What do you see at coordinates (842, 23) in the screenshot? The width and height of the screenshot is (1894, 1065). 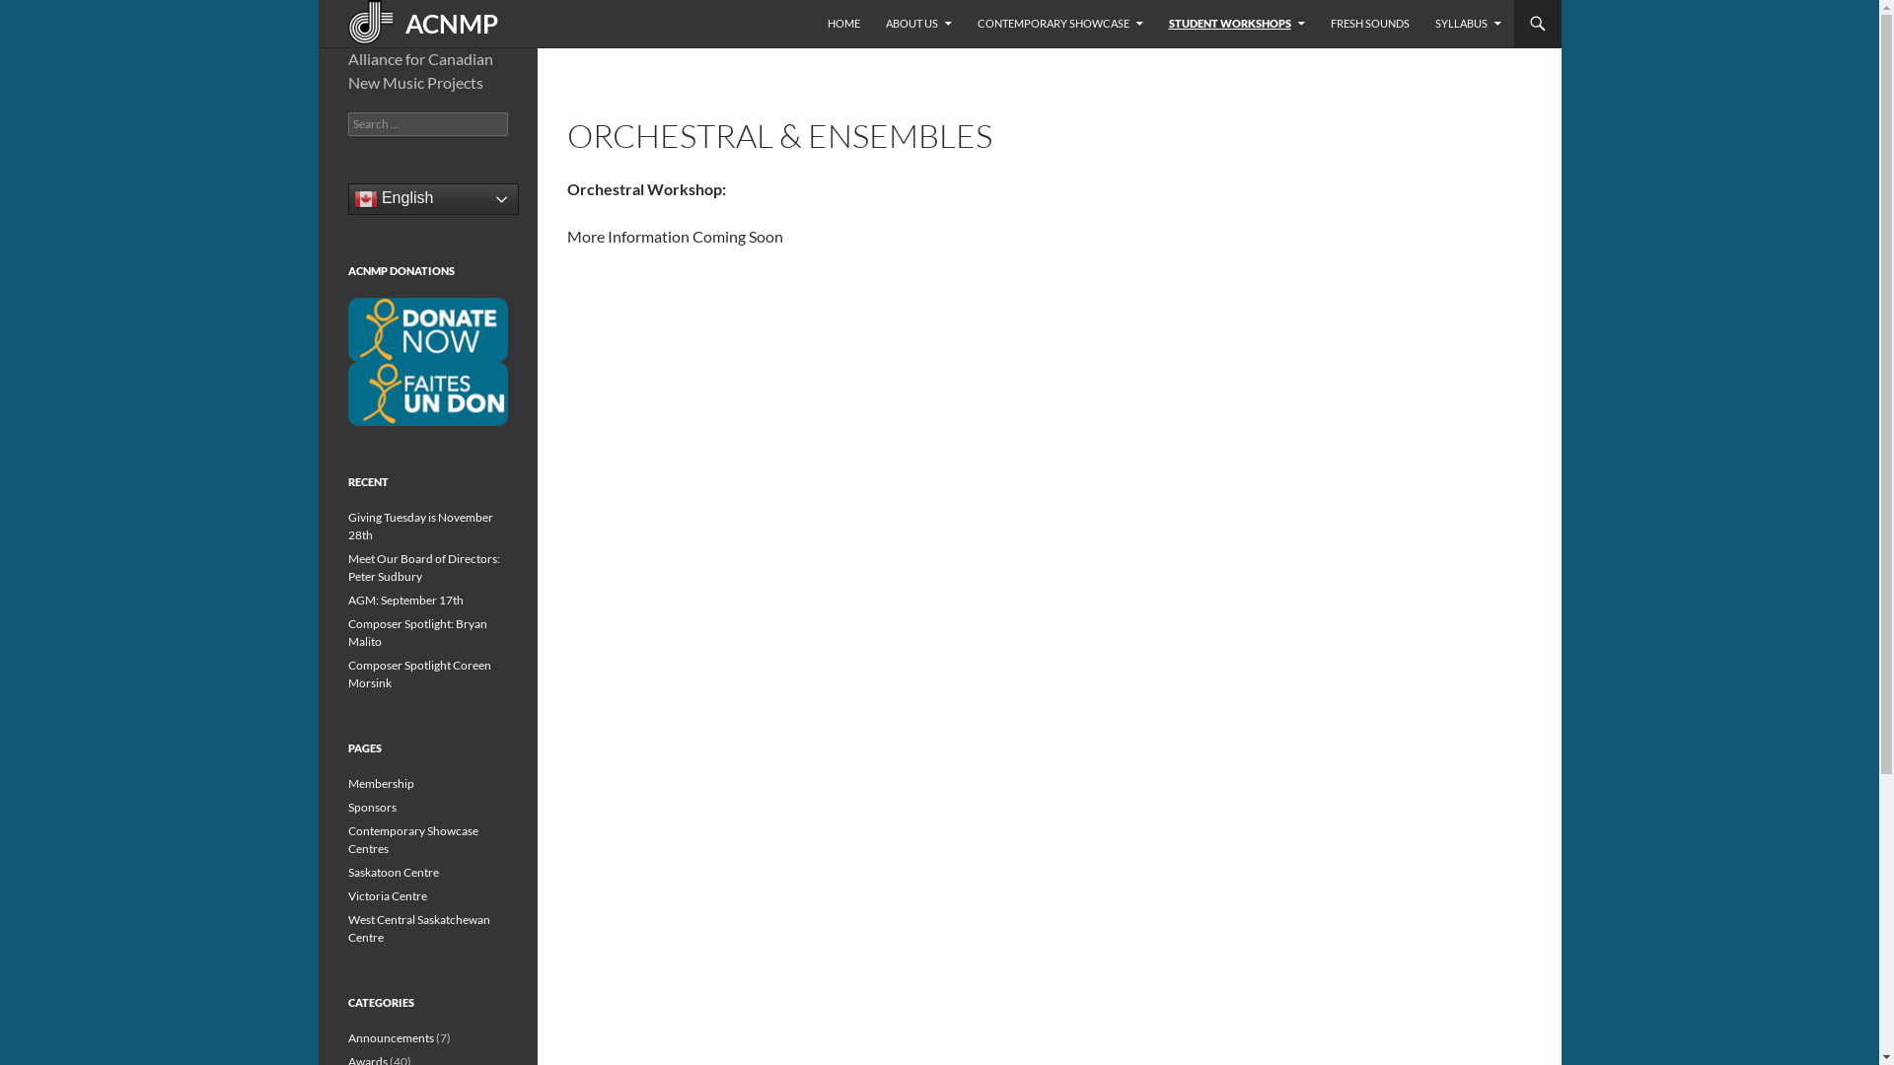 I see `'HOME'` at bounding box center [842, 23].